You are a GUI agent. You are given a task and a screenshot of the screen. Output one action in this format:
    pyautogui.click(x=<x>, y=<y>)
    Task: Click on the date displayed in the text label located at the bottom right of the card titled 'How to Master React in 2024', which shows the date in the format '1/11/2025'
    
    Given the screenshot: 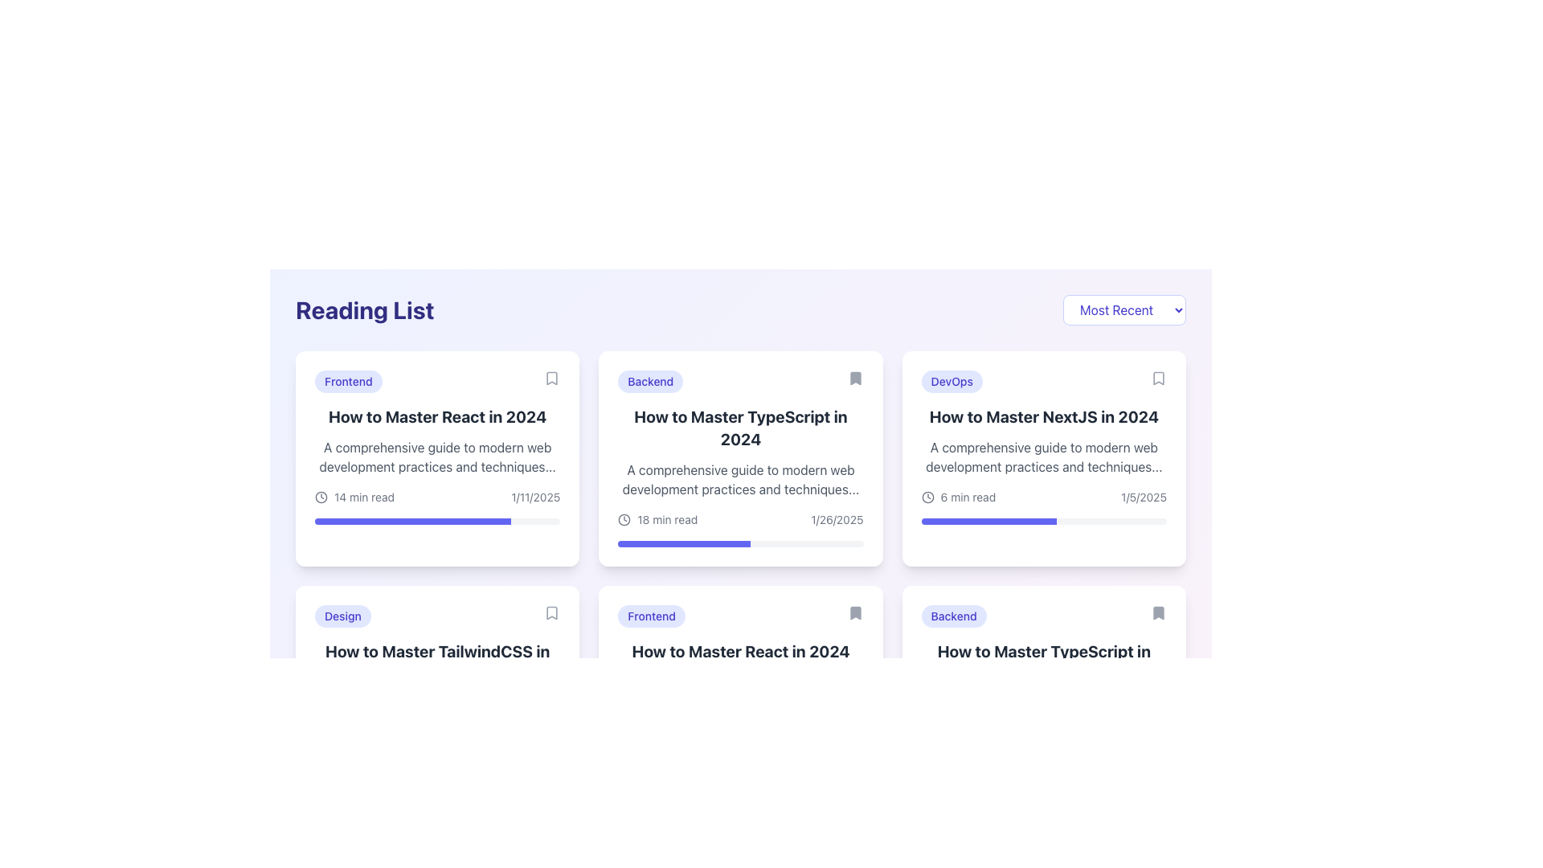 What is the action you would take?
    pyautogui.click(x=535, y=496)
    